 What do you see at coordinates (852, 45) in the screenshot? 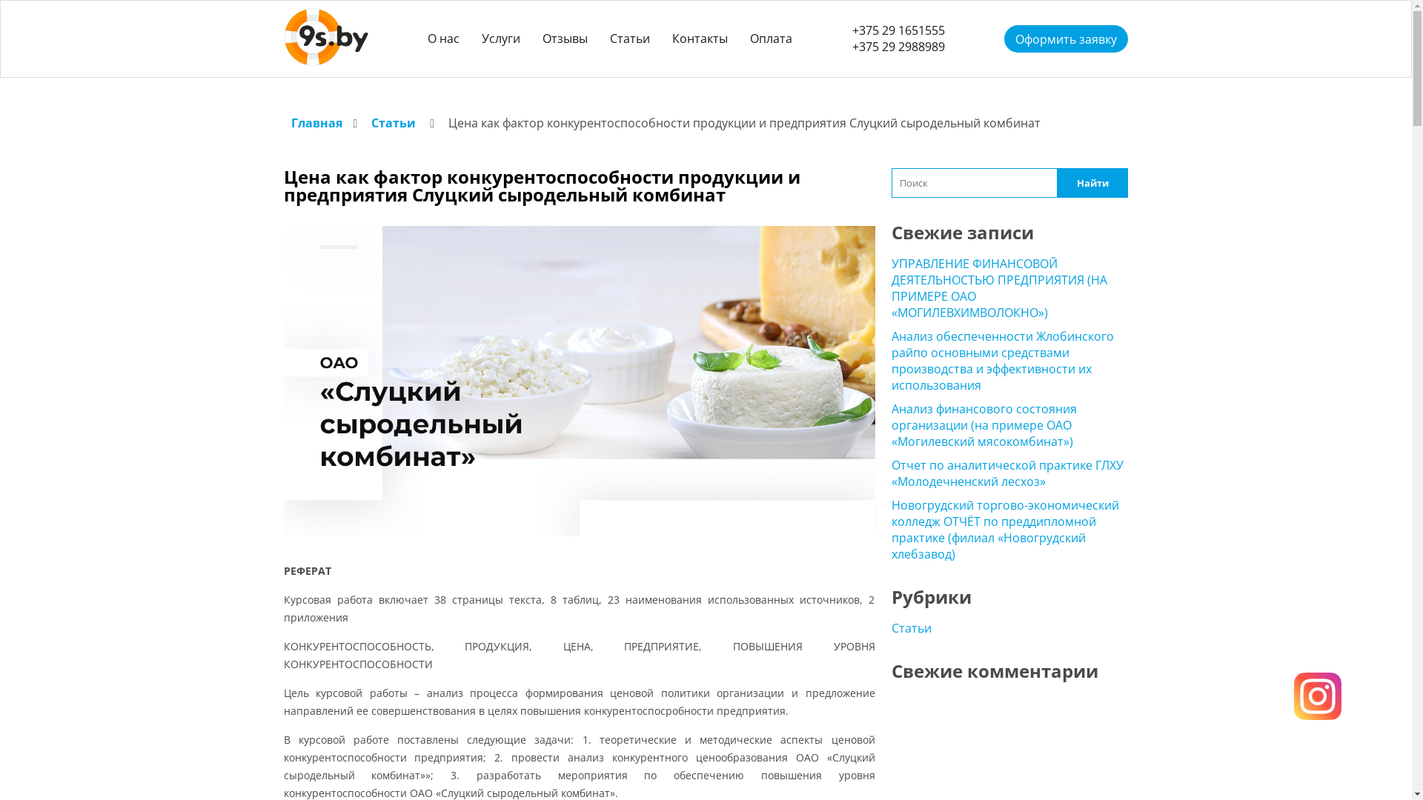
I see `'+375 29 2988989'` at bounding box center [852, 45].